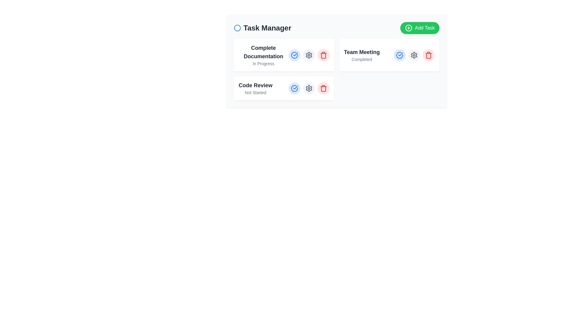 The width and height of the screenshot is (580, 326). What do you see at coordinates (309, 88) in the screenshot?
I see `the gray-colored gear-shaped icon (settings or cog symbol)` at bounding box center [309, 88].